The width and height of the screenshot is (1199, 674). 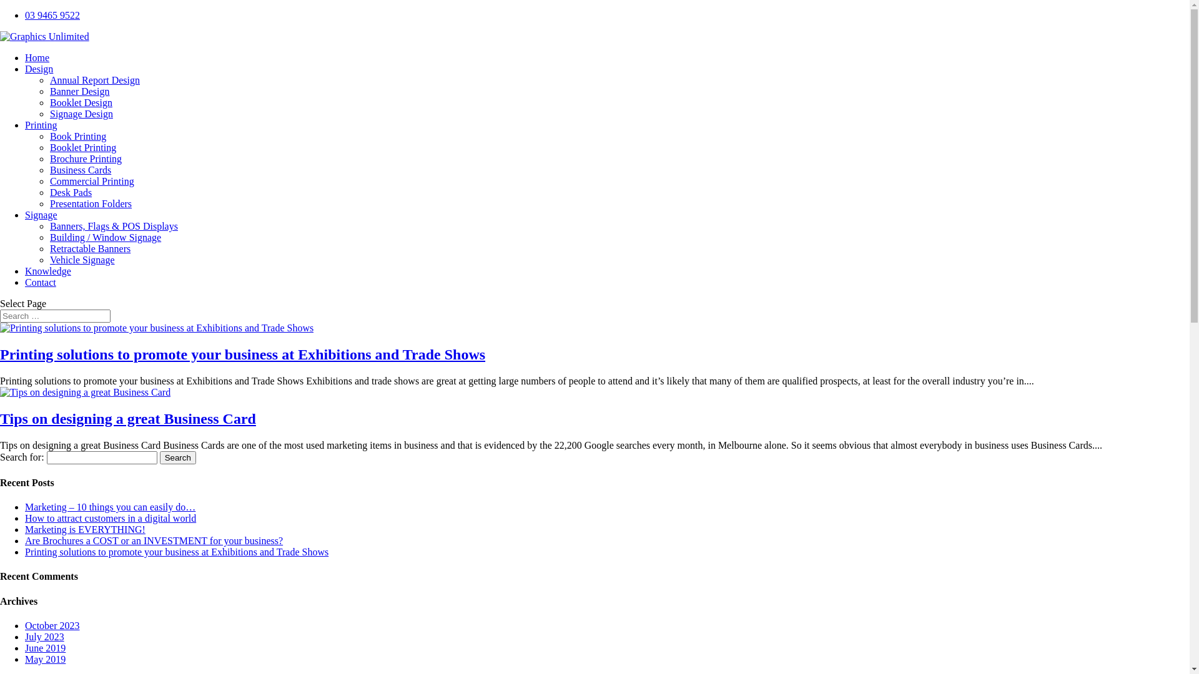 What do you see at coordinates (82, 259) in the screenshot?
I see `'Vehicle Signage'` at bounding box center [82, 259].